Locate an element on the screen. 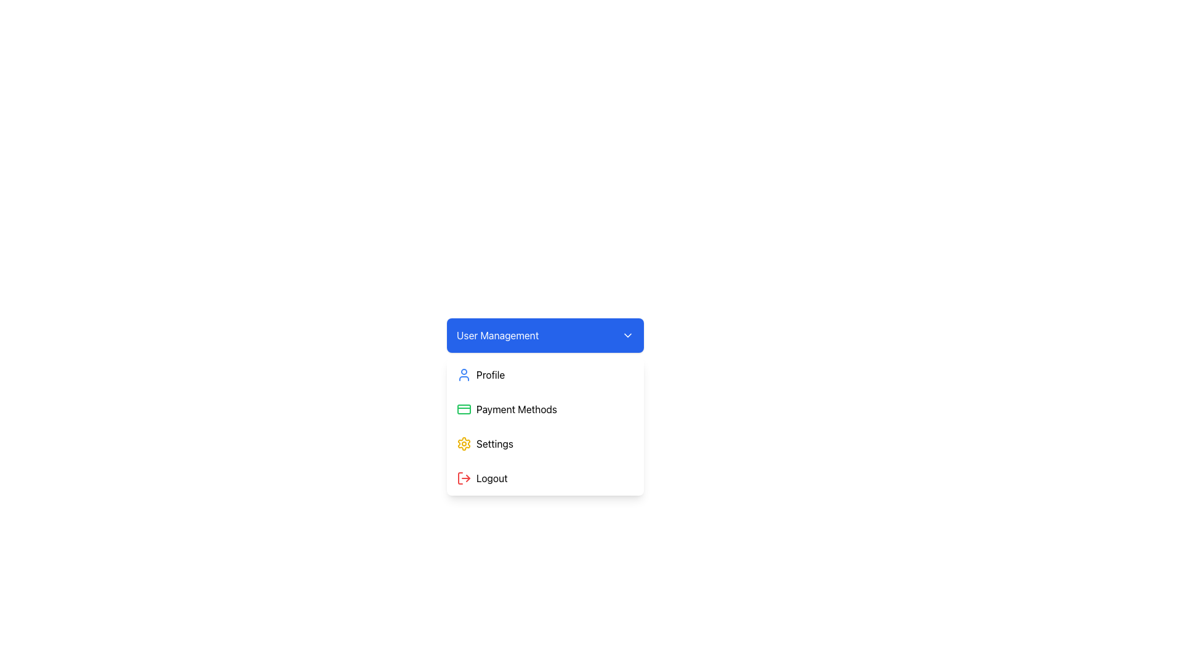 The image size is (1182, 665). 'Profile' label, which is displayed in bold black font within the 'User Management' dropdown menu, located immediately to the right of the blue user icon is located at coordinates (490, 374).